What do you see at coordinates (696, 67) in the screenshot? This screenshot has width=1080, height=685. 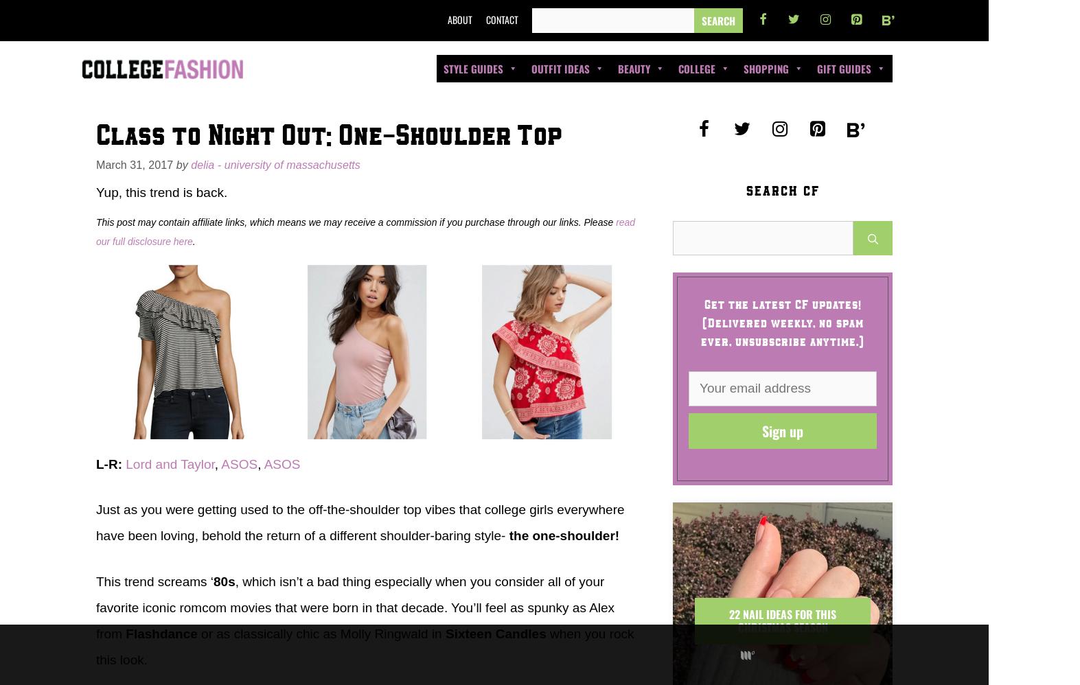 I see `'College'` at bounding box center [696, 67].